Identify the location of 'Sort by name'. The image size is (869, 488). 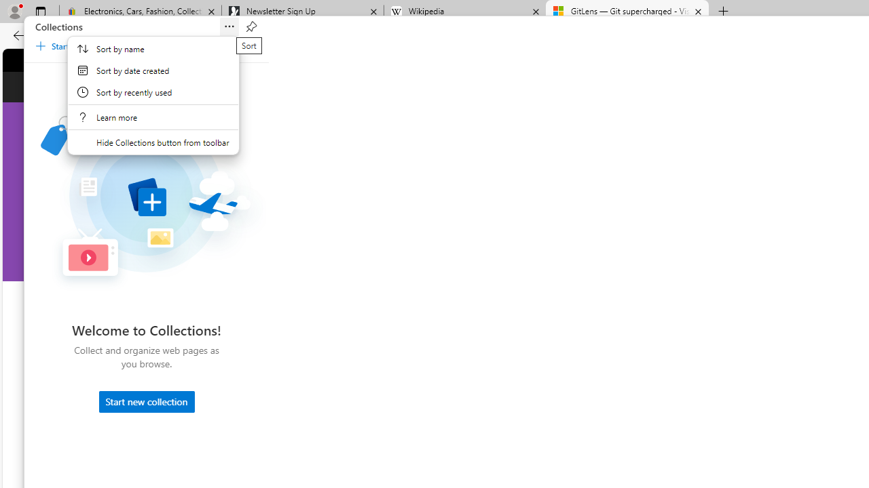
(153, 48).